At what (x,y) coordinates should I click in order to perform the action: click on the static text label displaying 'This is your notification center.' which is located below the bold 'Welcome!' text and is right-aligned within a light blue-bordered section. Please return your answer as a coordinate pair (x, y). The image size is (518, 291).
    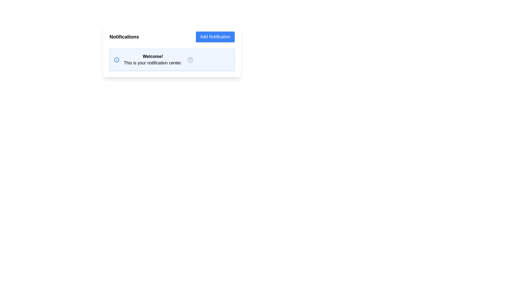
    Looking at the image, I should click on (152, 63).